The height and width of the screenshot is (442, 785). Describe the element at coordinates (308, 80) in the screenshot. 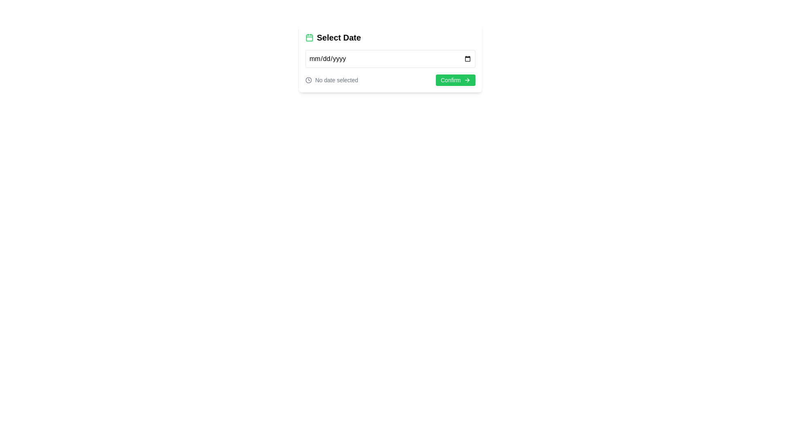

I see `the SVG circle representing the clock icon located to the left of the date input field` at that location.